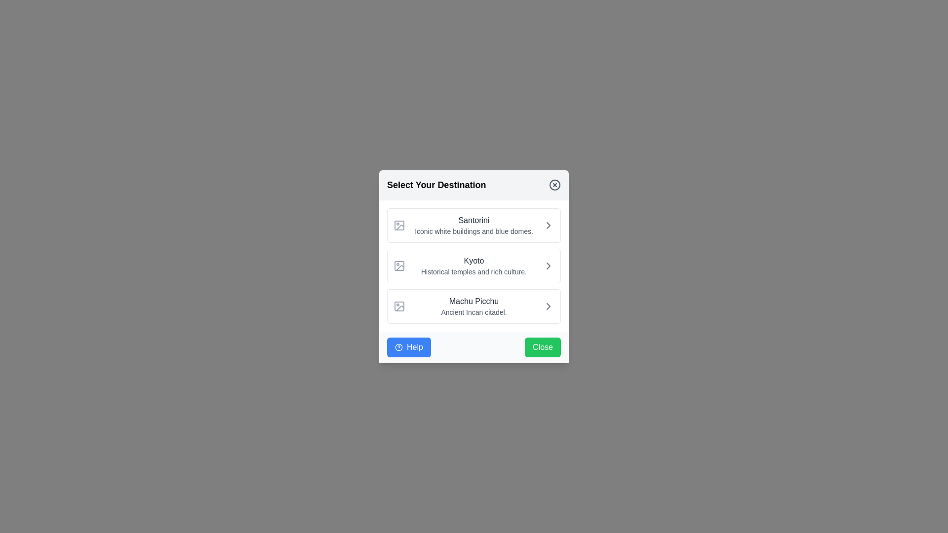 Image resolution: width=948 pixels, height=533 pixels. Describe the element at coordinates (542, 346) in the screenshot. I see `the 'Close' button to close the dialog` at that location.